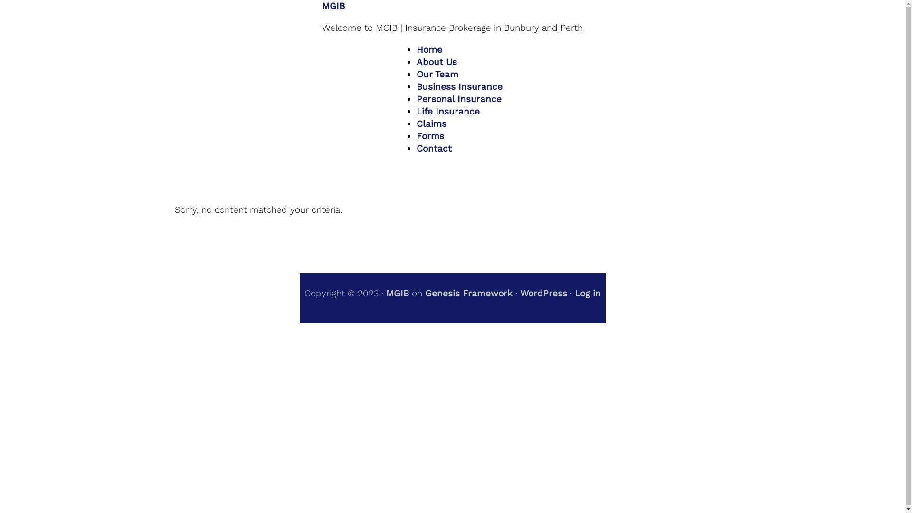 This screenshot has width=912, height=513. I want to click on 'Life Insurance', so click(417, 111).